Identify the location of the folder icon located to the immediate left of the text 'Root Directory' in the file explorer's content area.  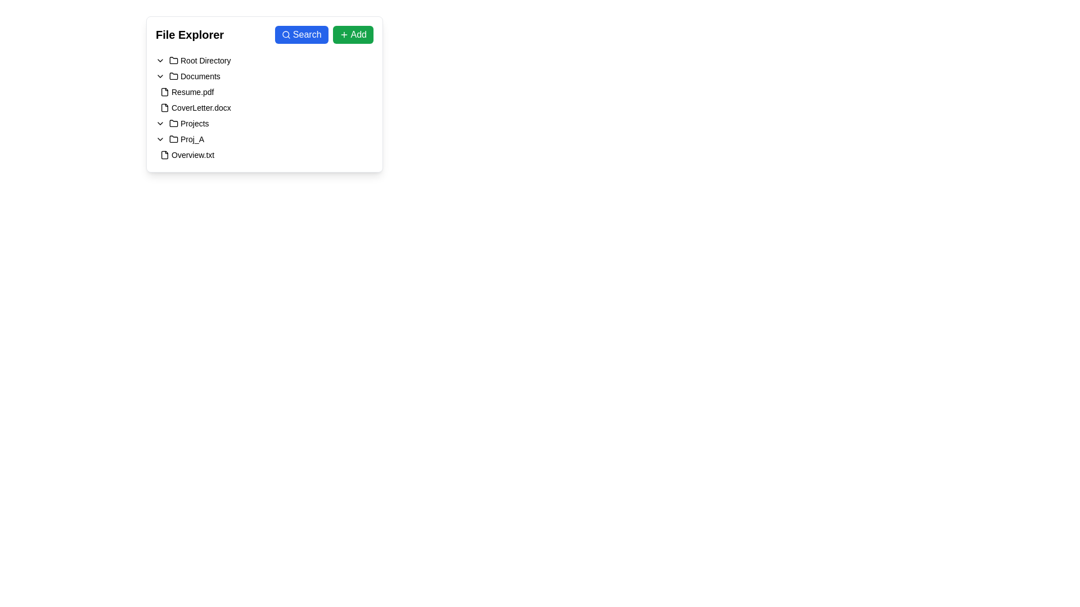
(173, 61).